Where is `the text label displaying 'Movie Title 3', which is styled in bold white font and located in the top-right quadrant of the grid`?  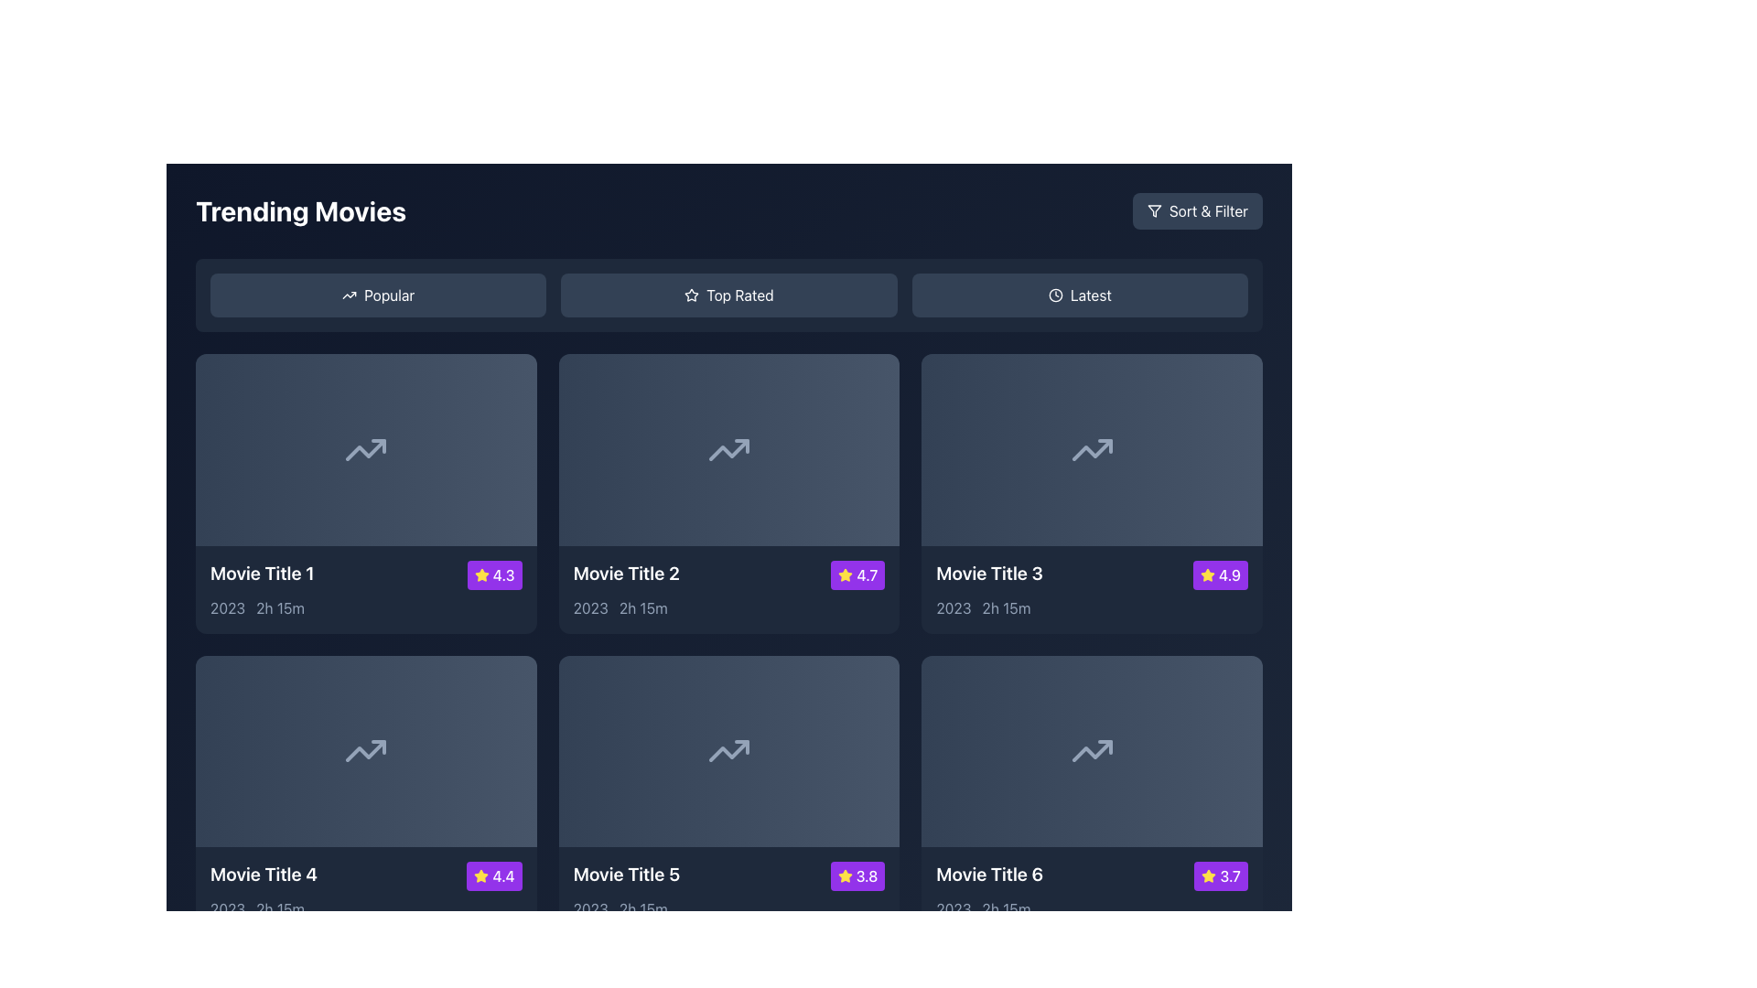 the text label displaying 'Movie Title 3', which is styled in bold white font and located in the top-right quadrant of the grid is located at coordinates (988, 572).